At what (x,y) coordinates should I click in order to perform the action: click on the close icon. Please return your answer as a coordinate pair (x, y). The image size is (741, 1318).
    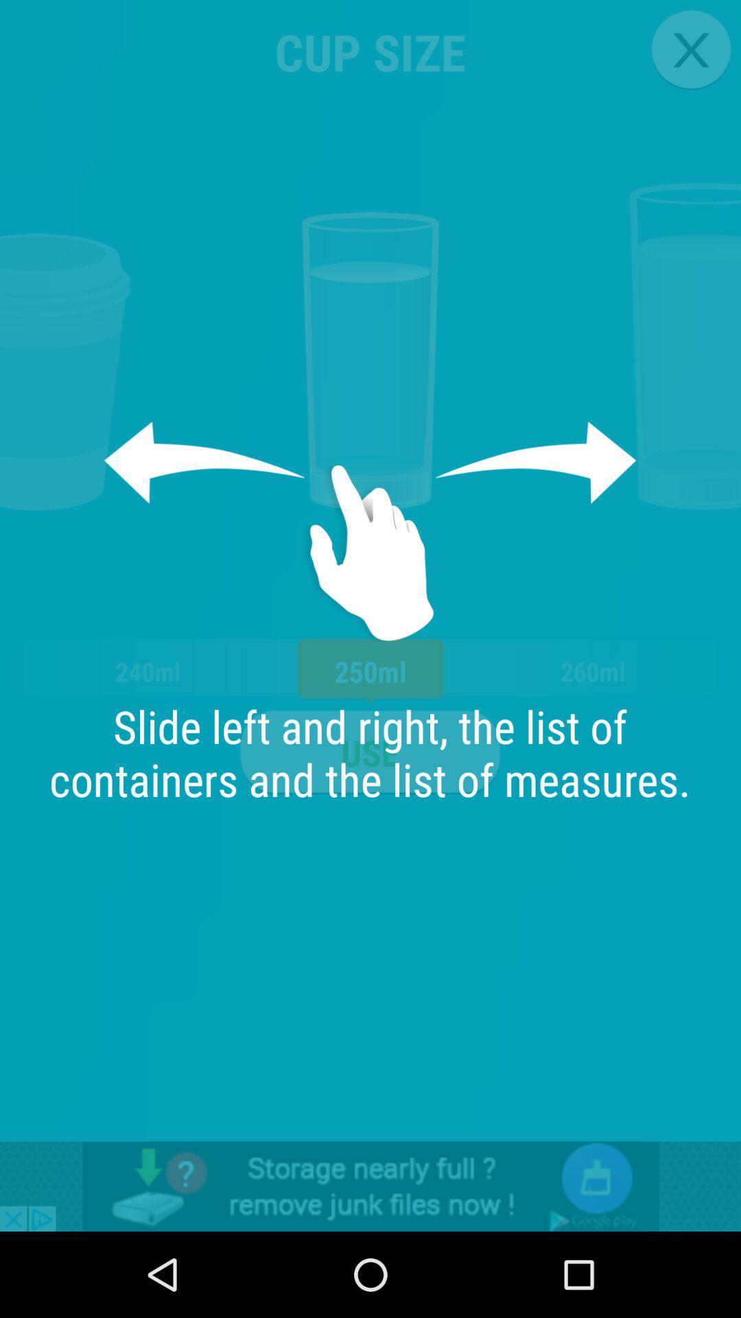
    Looking at the image, I should click on (691, 49).